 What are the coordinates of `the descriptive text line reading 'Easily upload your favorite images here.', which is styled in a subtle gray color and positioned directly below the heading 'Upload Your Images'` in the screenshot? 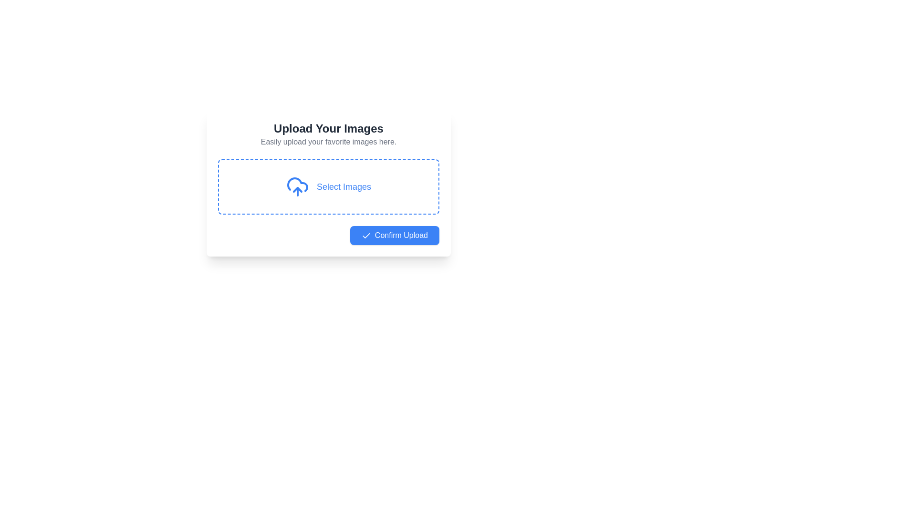 It's located at (329, 142).